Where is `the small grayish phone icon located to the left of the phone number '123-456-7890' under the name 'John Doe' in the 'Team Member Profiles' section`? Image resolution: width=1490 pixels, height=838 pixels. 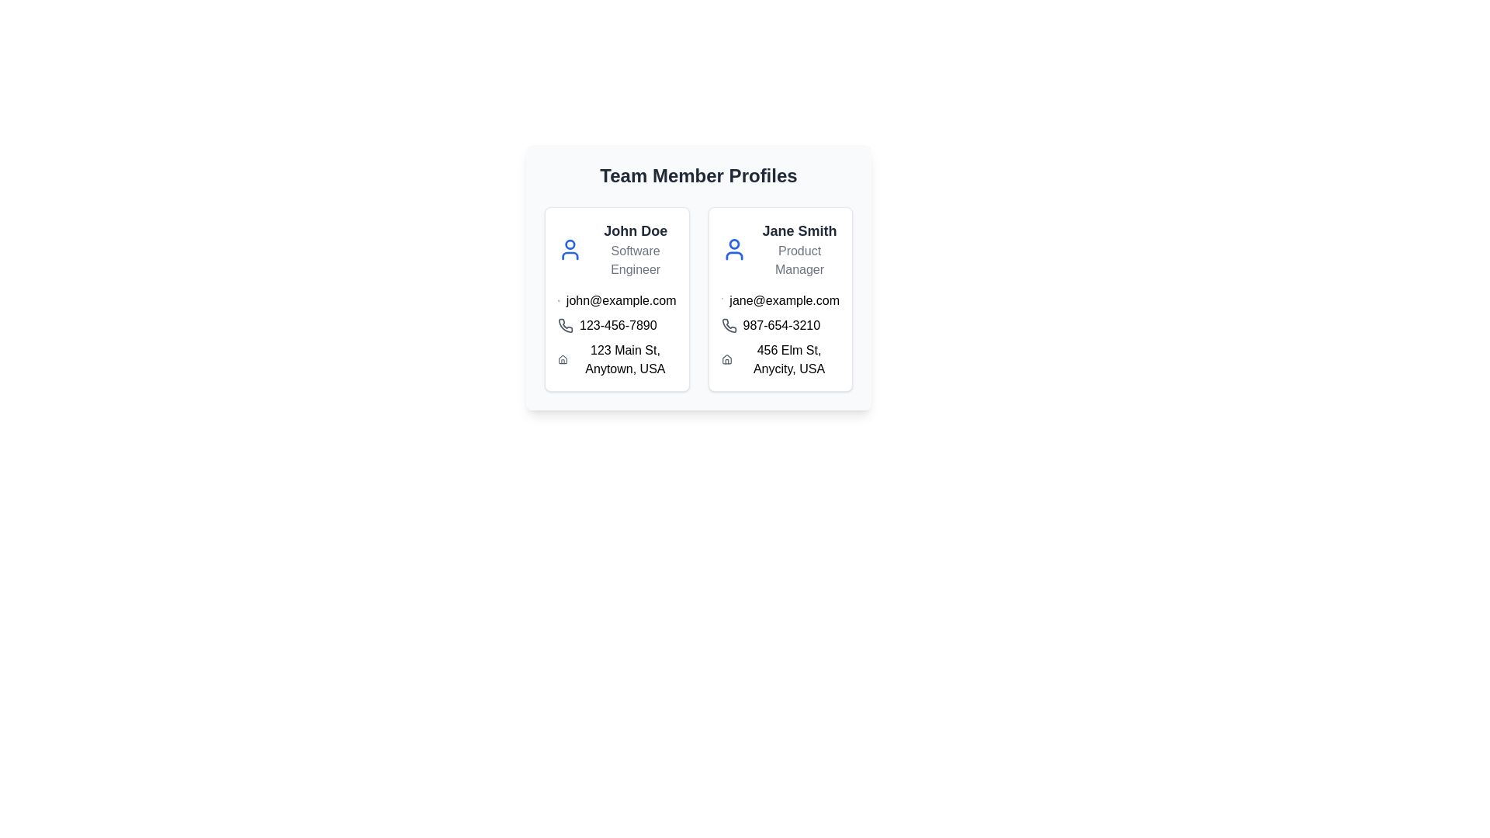 the small grayish phone icon located to the left of the phone number '123-456-7890' under the name 'John Doe' in the 'Team Member Profiles' section is located at coordinates (565, 325).